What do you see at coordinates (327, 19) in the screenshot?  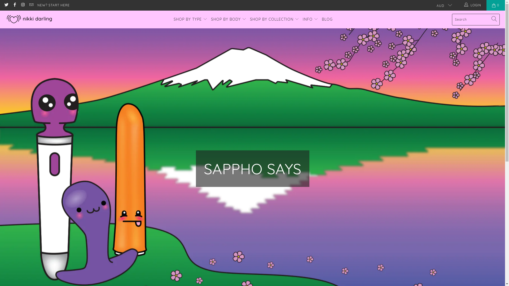 I see `'BLOG'` at bounding box center [327, 19].